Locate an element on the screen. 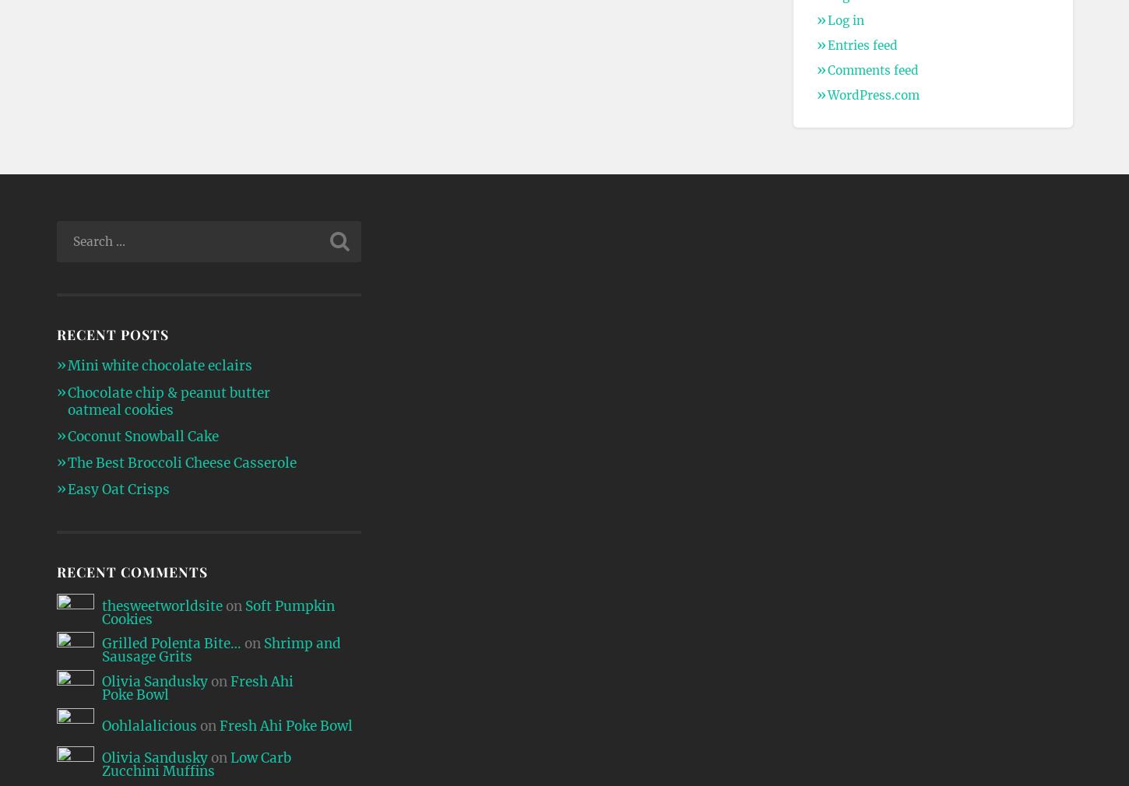 This screenshot has width=1129, height=786. 'Recent Posts' is located at coordinates (111, 333).